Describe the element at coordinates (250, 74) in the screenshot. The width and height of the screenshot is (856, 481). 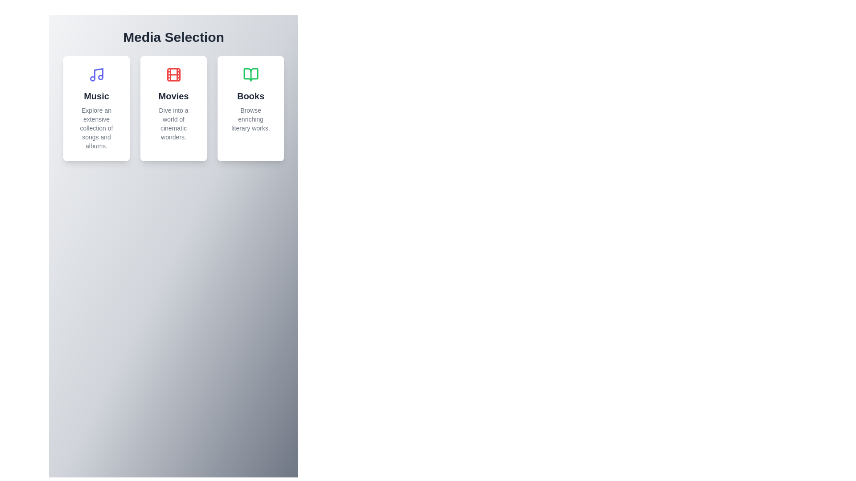
I see `the 'Books' icon located at the top of the third card in a horizontal row of three cards labeled 'Music,' 'Movies,' and 'Books.'` at that location.